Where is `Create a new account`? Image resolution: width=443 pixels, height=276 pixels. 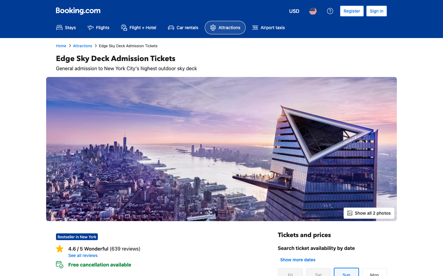
Create a new account is located at coordinates (352, 11).